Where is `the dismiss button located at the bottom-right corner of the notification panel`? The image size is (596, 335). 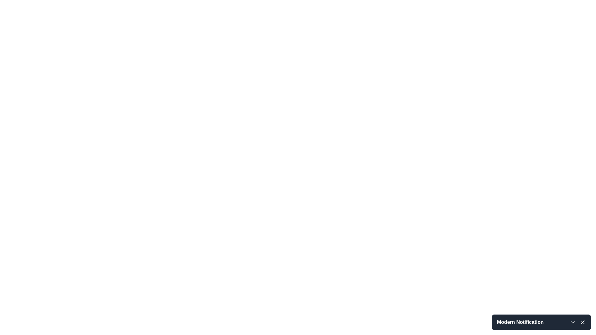 the dismiss button located at the bottom-right corner of the notification panel is located at coordinates (582, 322).